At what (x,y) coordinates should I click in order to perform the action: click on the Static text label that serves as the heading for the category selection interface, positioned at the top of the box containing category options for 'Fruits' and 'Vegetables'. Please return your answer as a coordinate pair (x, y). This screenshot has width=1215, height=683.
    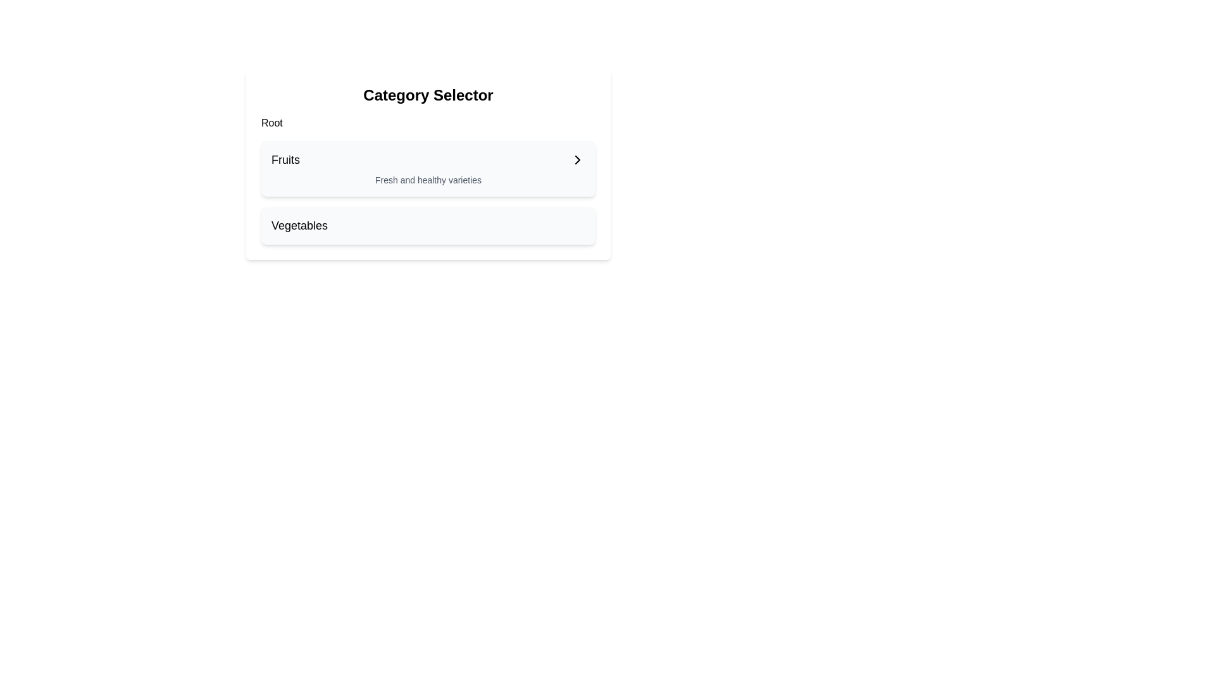
    Looking at the image, I should click on (428, 94).